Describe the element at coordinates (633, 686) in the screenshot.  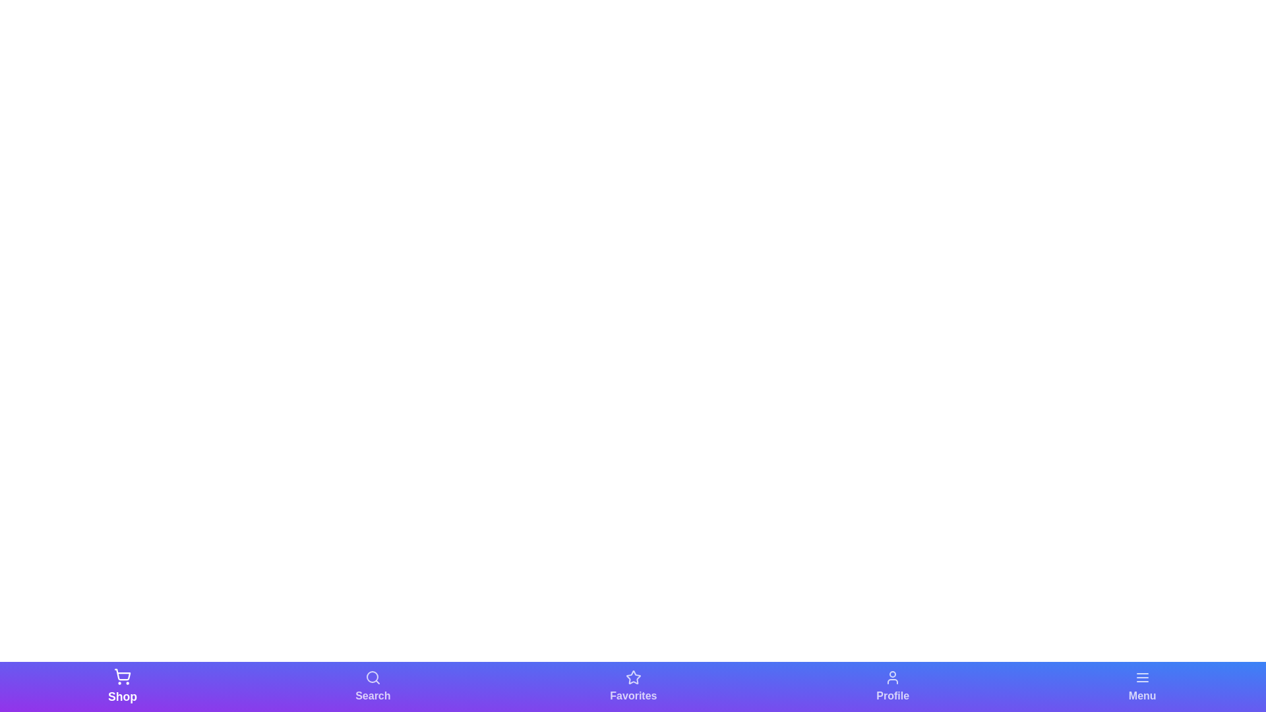
I see `the navigation bar element labeled Favorites` at that location.